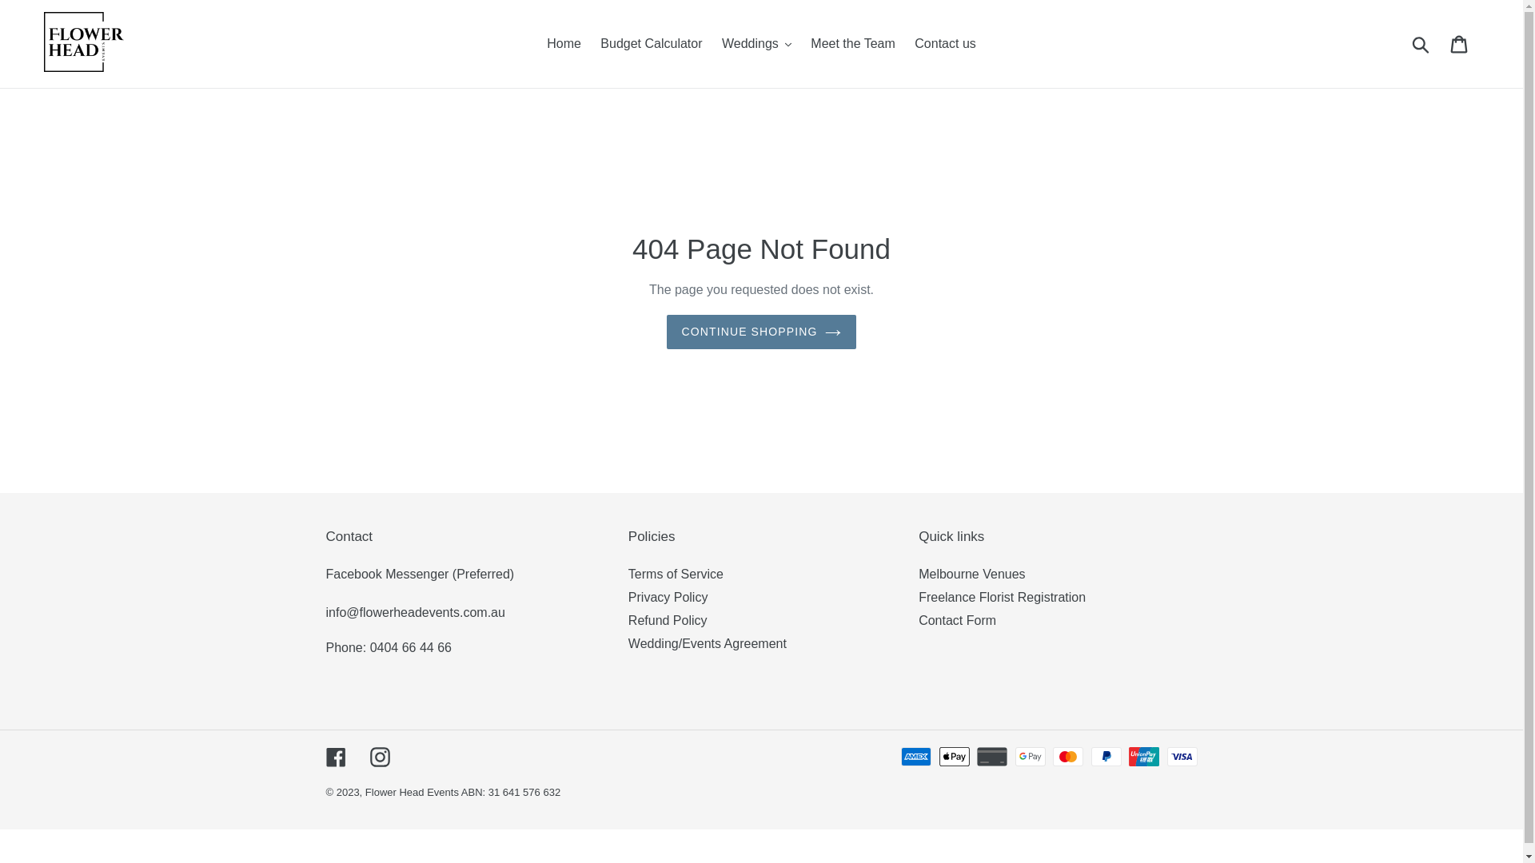 Image resolution: width=1535 pixels, height=863 pixels. Describe the element at coordinates (378, 755) in the screenshot. I see `'Instagram'` at that location.